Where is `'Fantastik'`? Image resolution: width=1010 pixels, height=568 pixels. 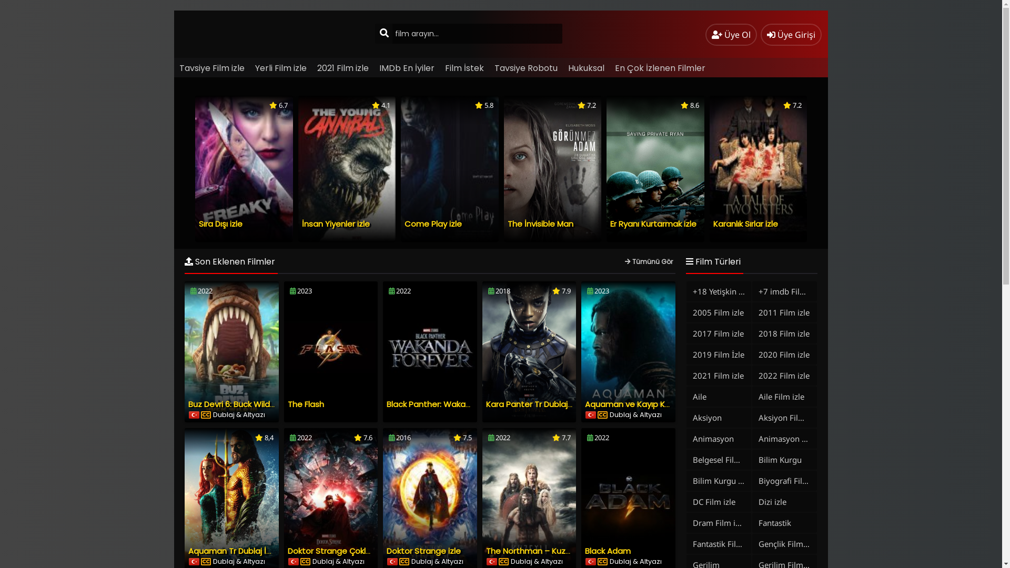
'Fantastik' is located at coordinates (784, 523).